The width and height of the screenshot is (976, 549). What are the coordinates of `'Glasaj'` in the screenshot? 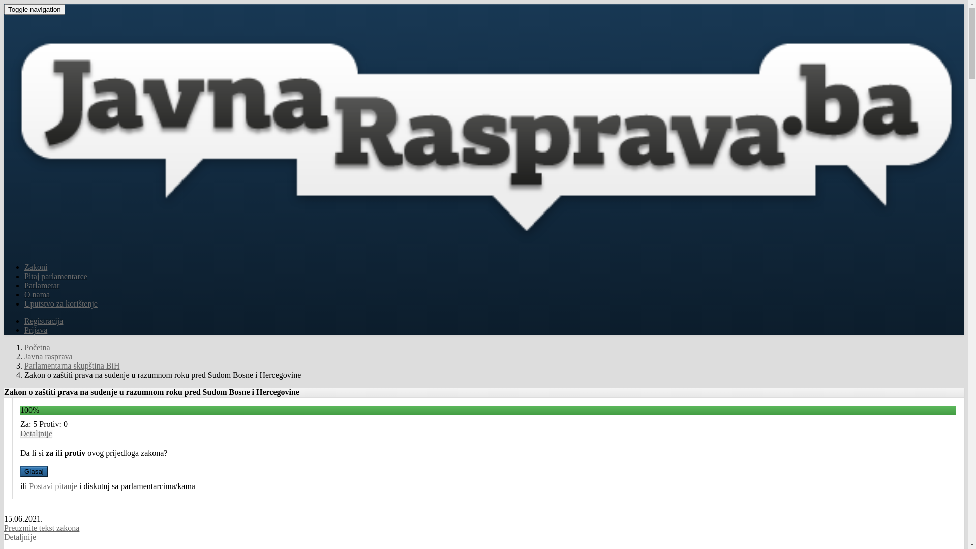 It's located at (34, 471).